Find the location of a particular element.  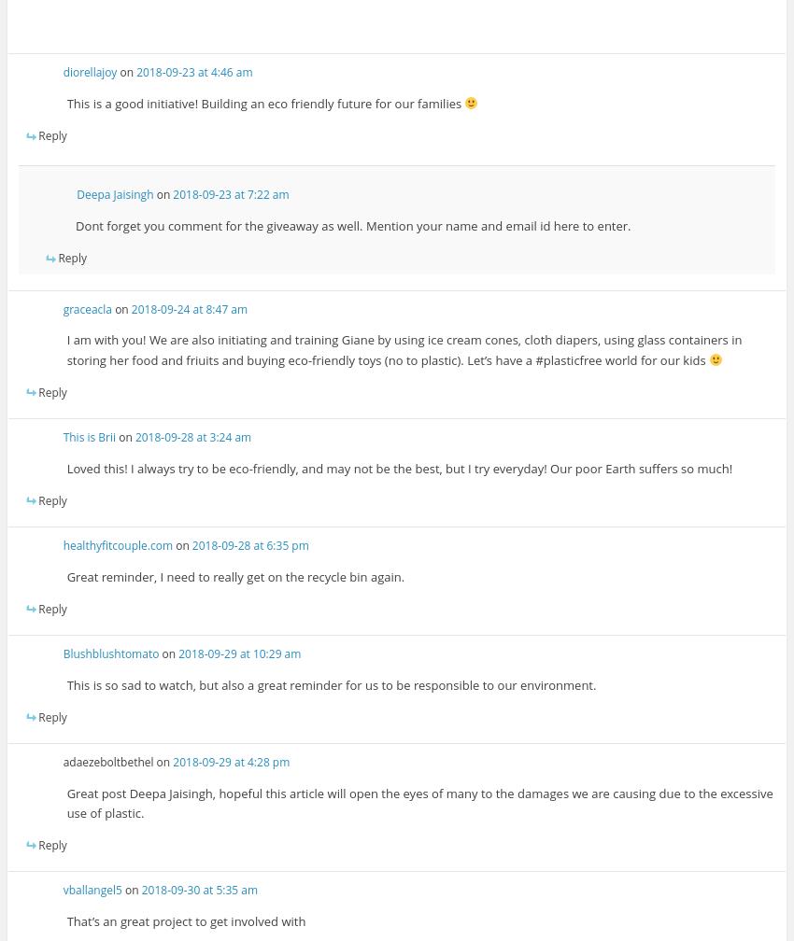

'2018-09-29 at 4:28 pm' is located at coordinates (231, 762).